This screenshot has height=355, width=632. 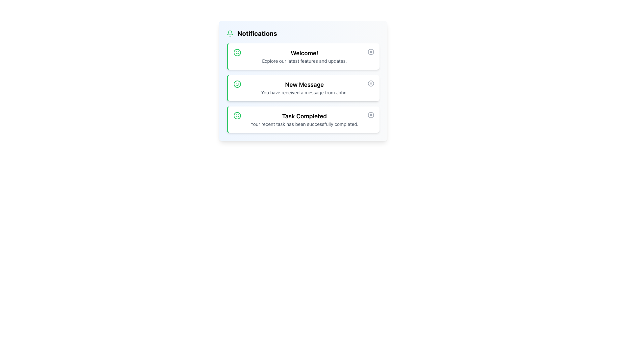 What do you see at coordinates (257, 33) in the screenshot?
I see `the text label that serves as a title for the notifications section, located on the top-left side of the interface next to a bell icon` at bounding box center [257, 33].